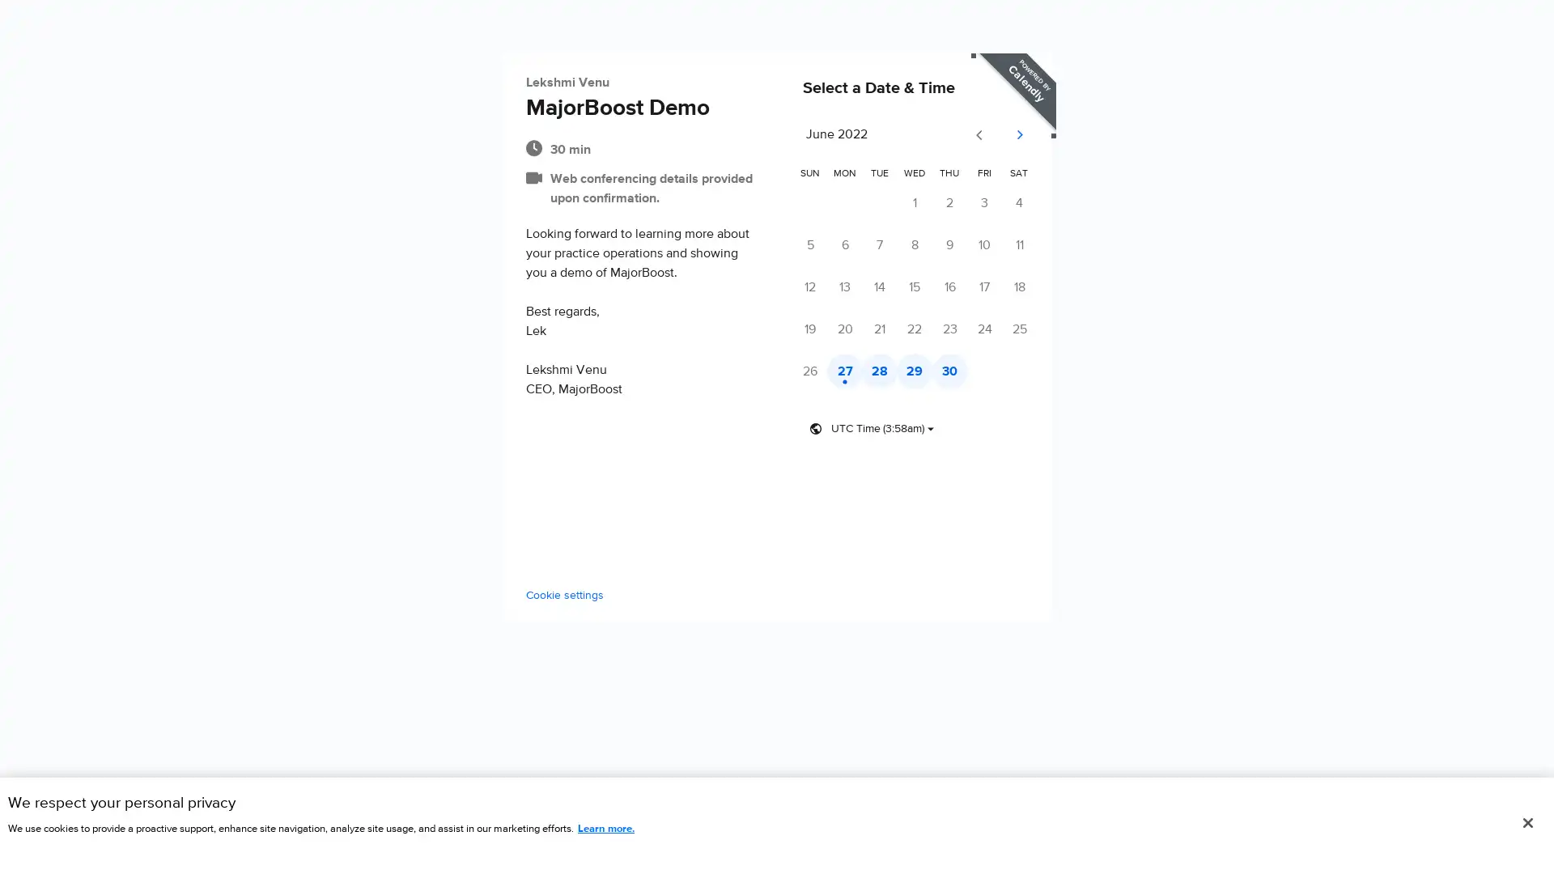  What do you see at coordinates (854, 246) in the screenshot?
I see `Monday, June 6 - No times available` at bounding box center [854, 246].